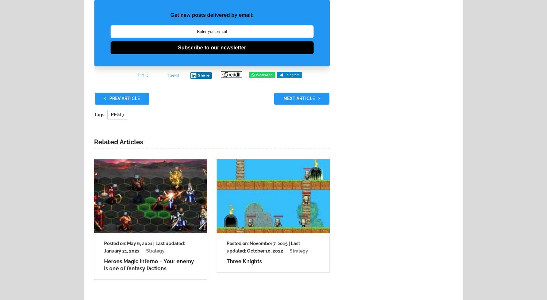 This screenshot has height=300, width=547. What do you see at coordinates (137, 74) in the screenshot?
I see `'Pin It'` at bounding box center [137, 74].